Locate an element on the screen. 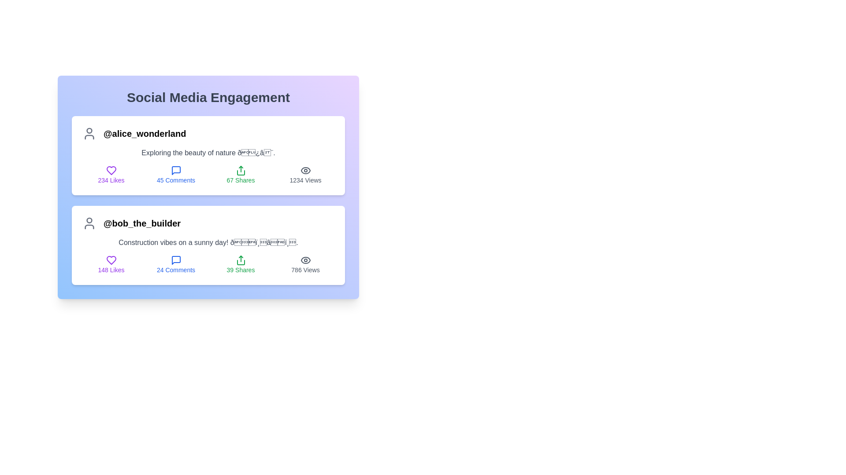 The image size is (846, 475). the bold black text label reading '@alice_wonderland', which is part of the user profile layout, located in the upper left quadrant of the post card is located at coordinates (145, 134).